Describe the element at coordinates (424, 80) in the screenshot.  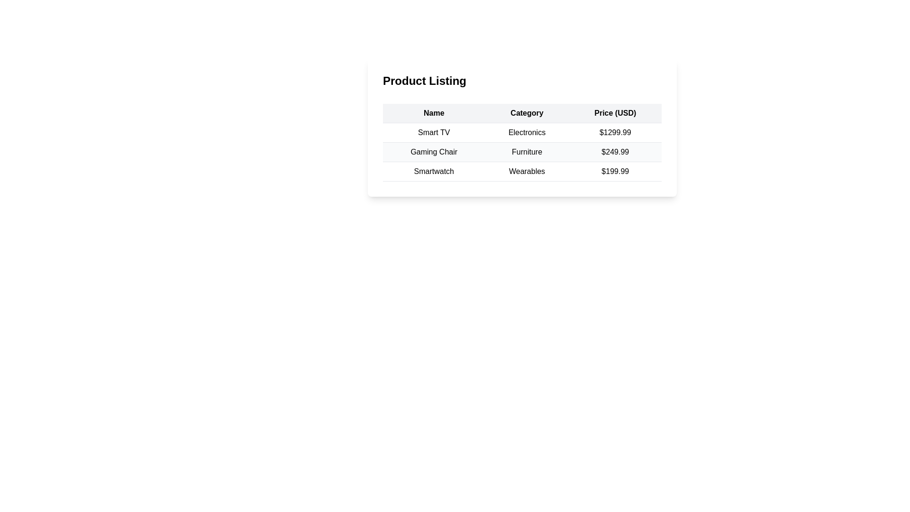
I see `the bold title text labeled 'Product Listing', which serves as a section heading at the top of a list or table` at that location.